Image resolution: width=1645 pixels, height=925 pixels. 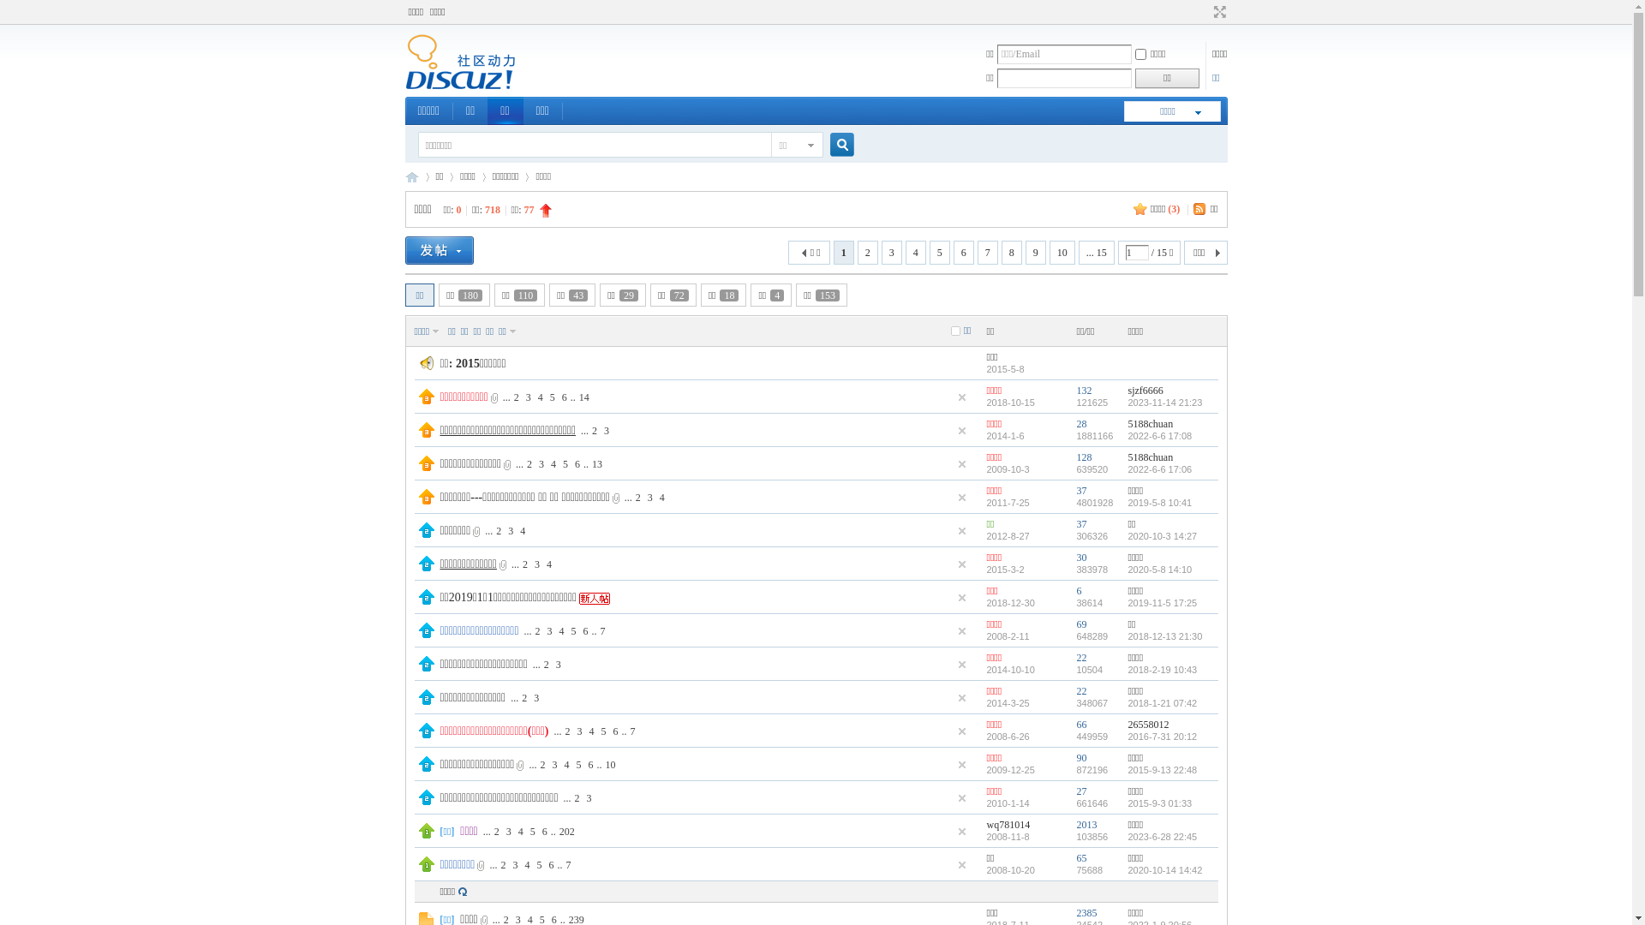 What do you see at coordinates (1127, 835) in the screenshot?
I see `'2023-6-28 22:45'` at bounding box center [1127, 835].